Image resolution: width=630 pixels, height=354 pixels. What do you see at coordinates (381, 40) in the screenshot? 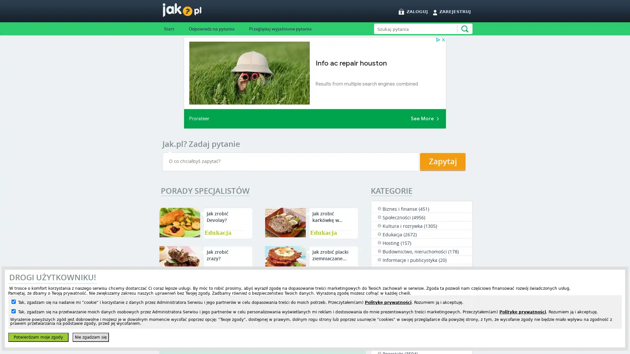
I see `Szukaj` at bounding box center [381, 40].